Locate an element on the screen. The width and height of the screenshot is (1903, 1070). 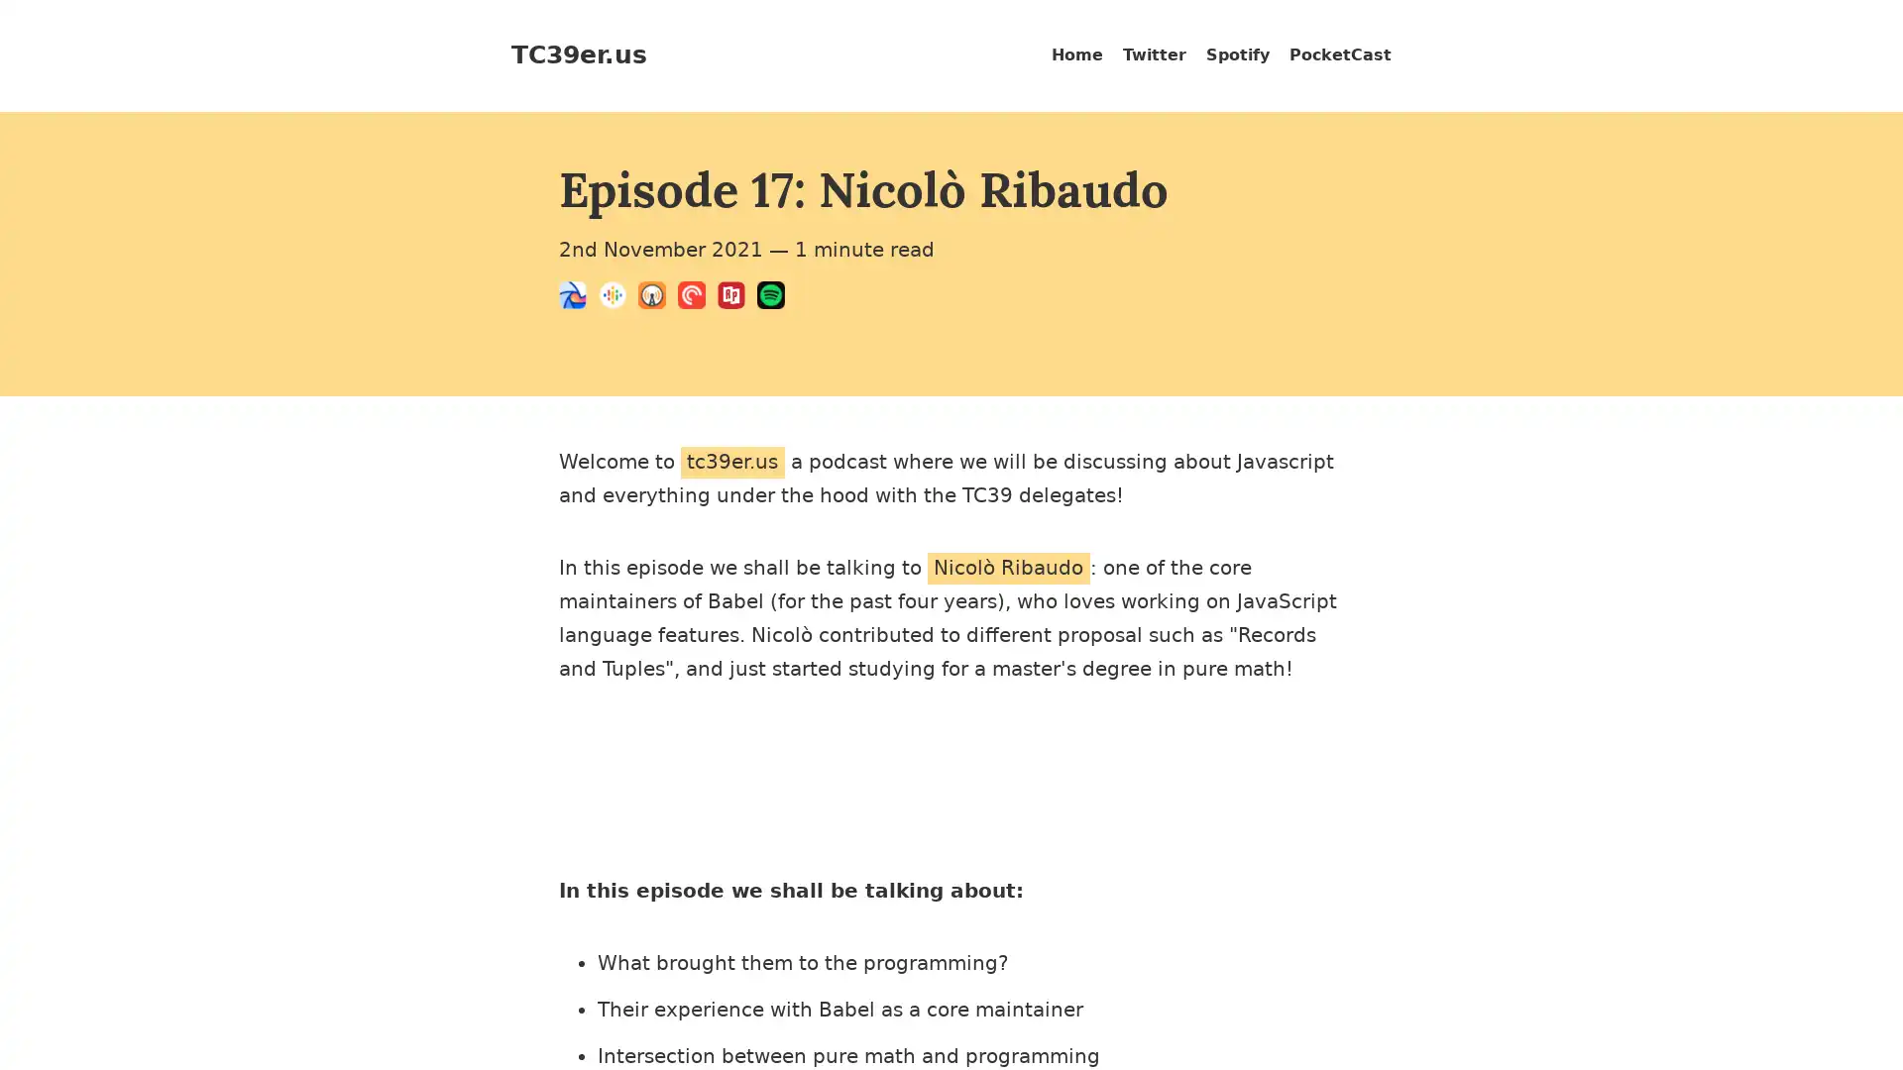
Breaker Logo is located at coordinates (578, 298).